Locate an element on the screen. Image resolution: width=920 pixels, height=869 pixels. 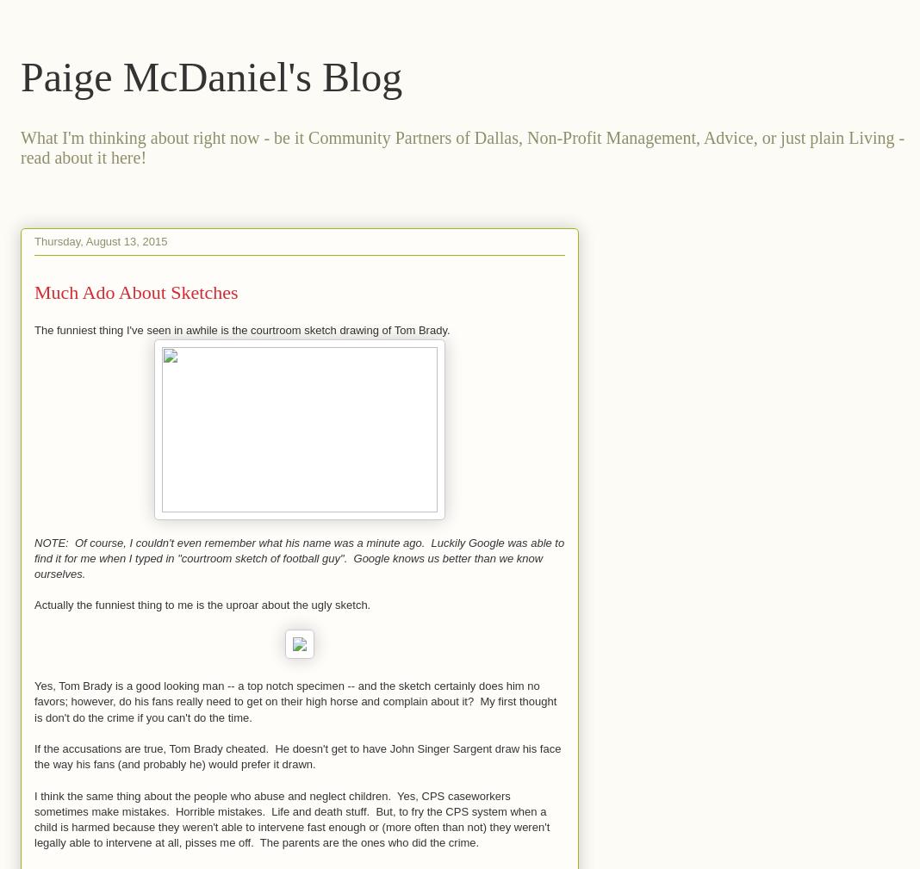
'Paige McDaniel's Blog' is located at coordinates (20, 76).